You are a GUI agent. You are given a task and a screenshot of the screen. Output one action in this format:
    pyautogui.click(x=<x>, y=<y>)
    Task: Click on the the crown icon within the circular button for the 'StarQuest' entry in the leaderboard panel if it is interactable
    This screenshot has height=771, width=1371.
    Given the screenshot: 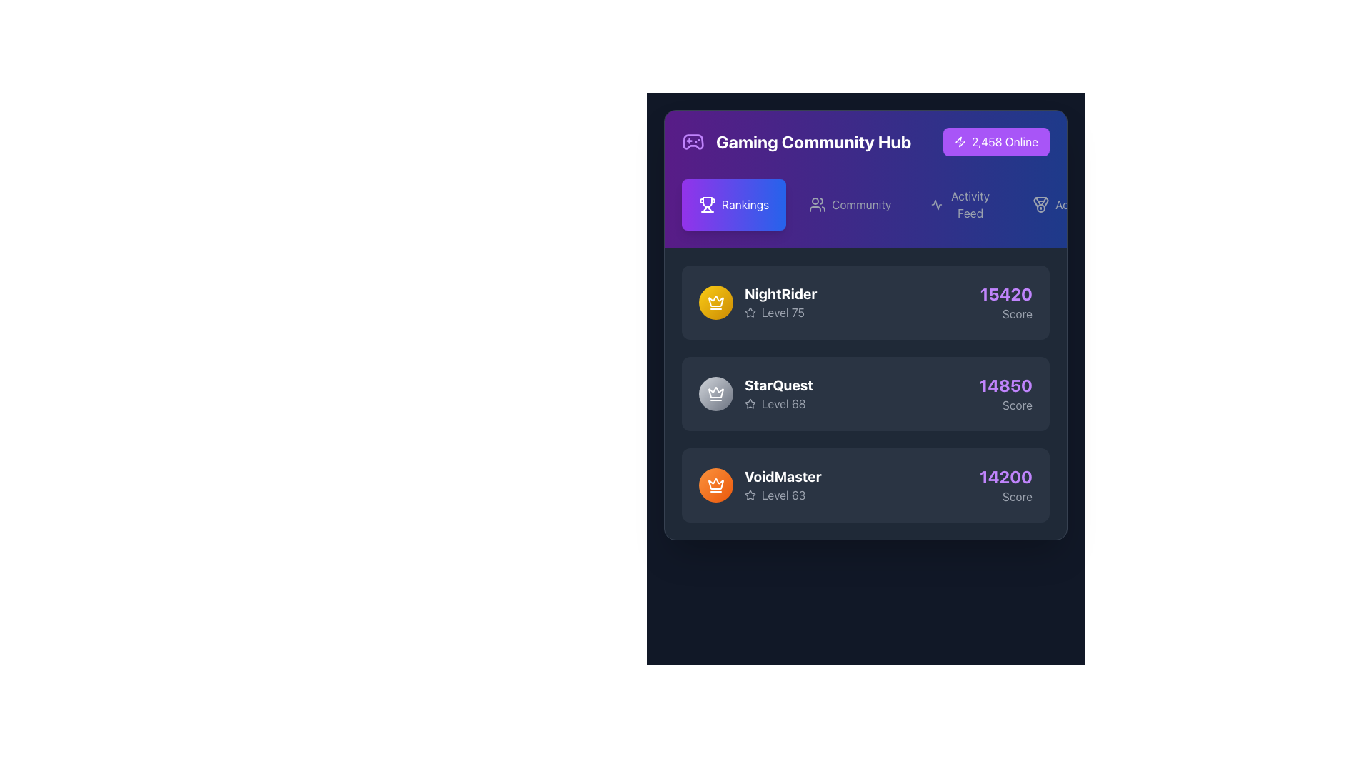 What is the action you would take?
    pyautogui.click(x=716, y=393)
    